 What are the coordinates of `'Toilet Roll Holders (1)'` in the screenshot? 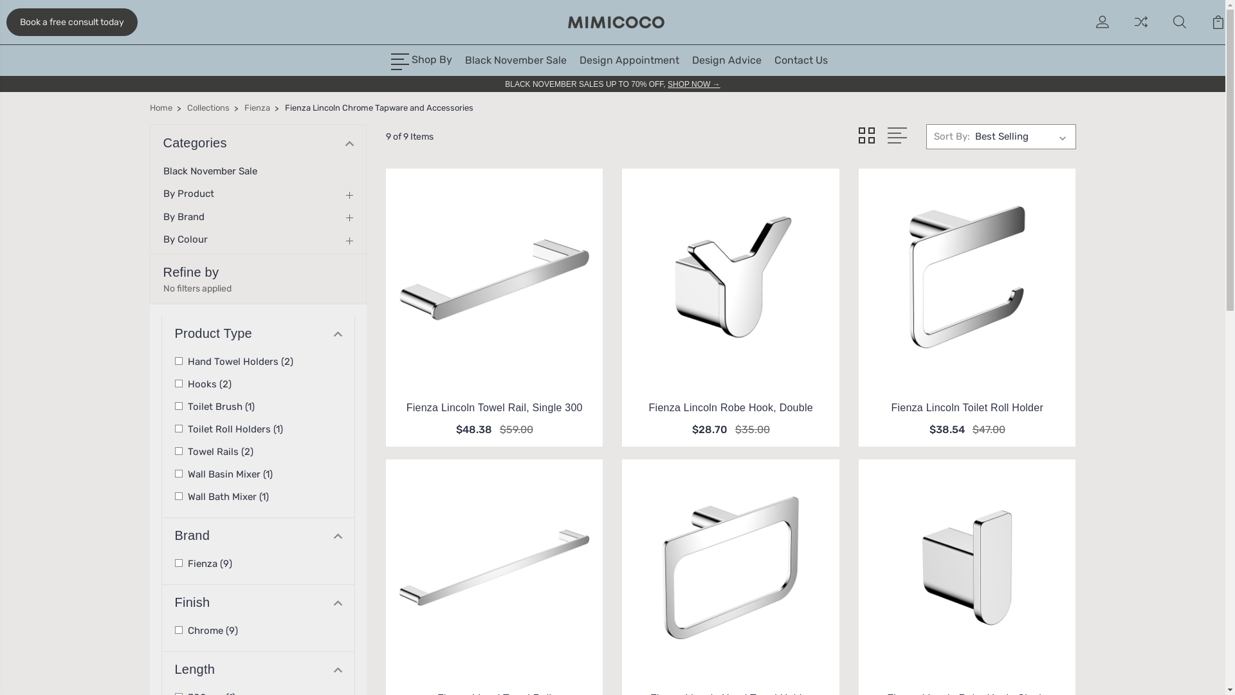 It's located at (258, 429).